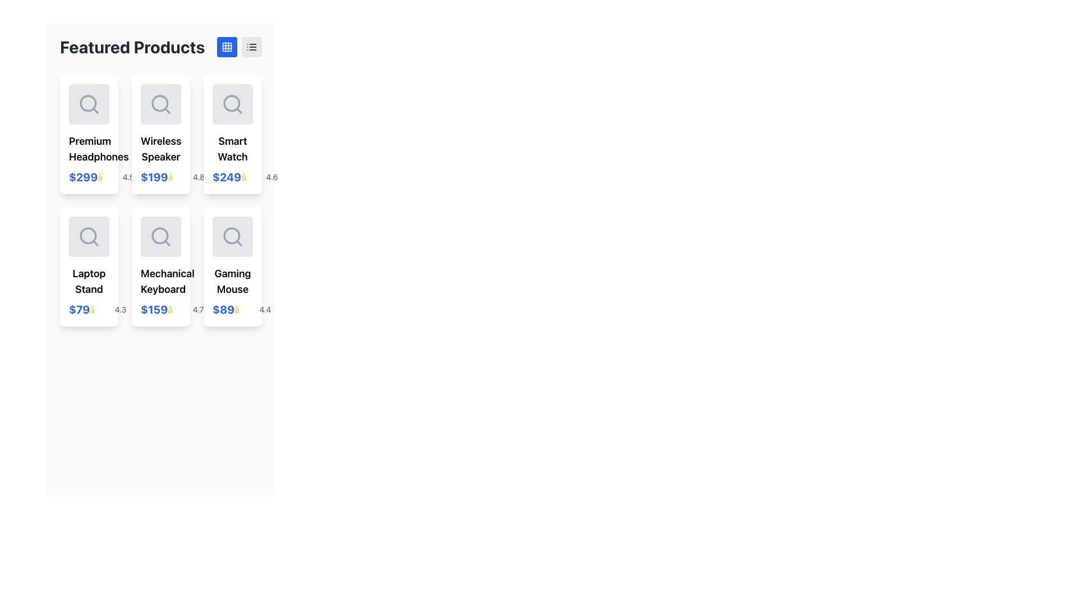 The image size is (1077, 606). I want to click on the Product information display for 'Premium Headphones', located at the bottom of its product card, so click(88, 177).